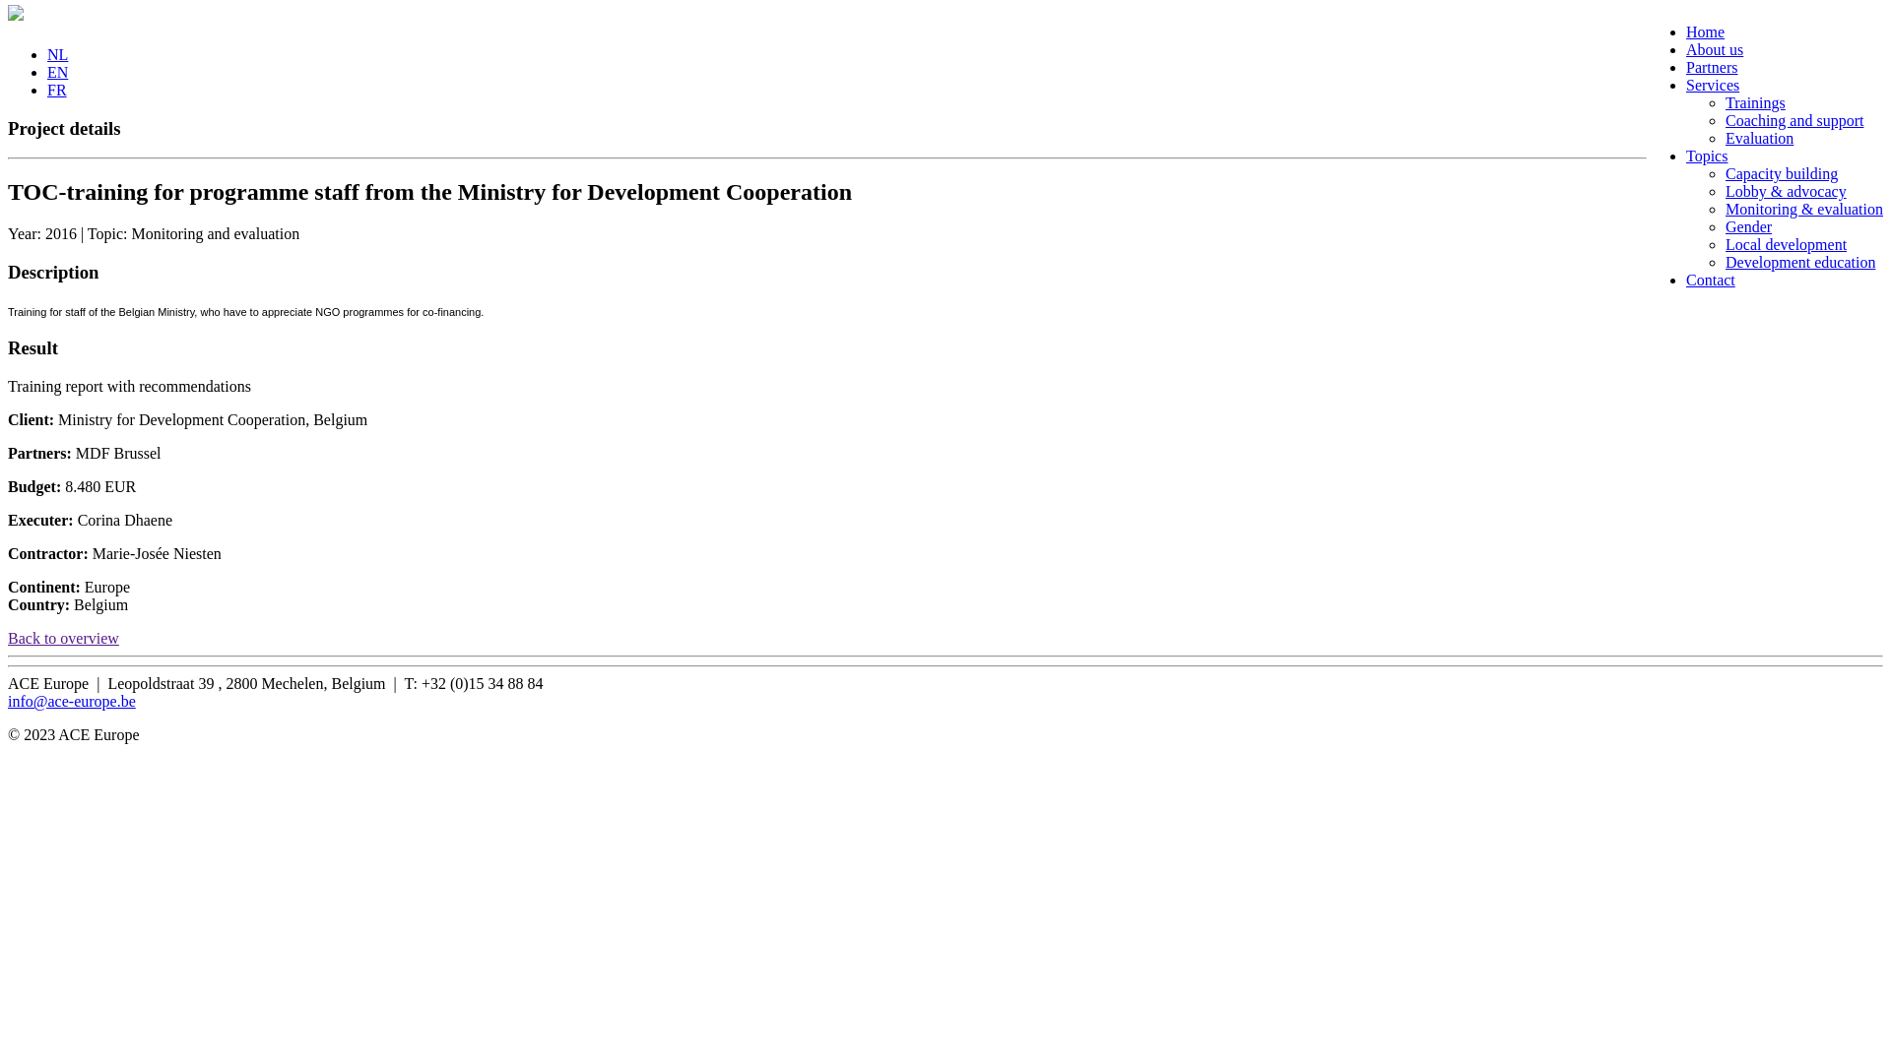  What do you see at coordinates (63, 638) in the screenshot?
I see `'Back to overview'` at bounding box center [63, 638].